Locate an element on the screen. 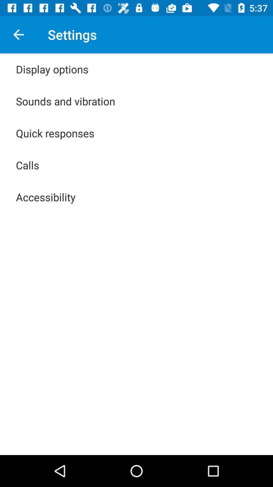 This screenshot has height=487, width=273. app above quick responses is located at coordinates (65, 101).